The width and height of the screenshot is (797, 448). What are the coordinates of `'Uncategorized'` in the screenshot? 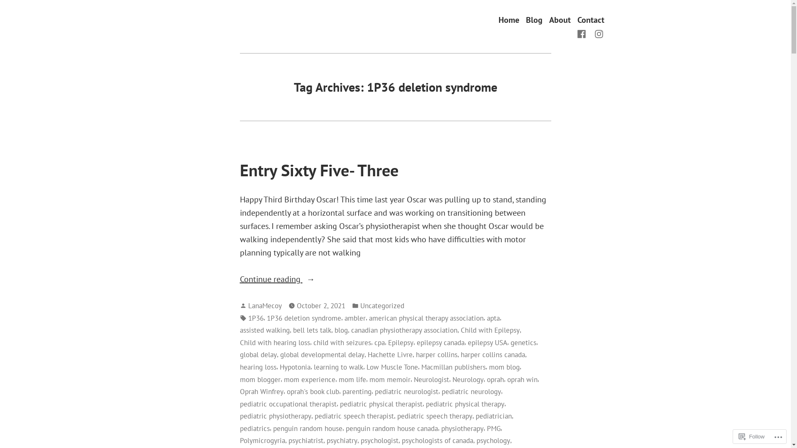 It's located at (382, 305).